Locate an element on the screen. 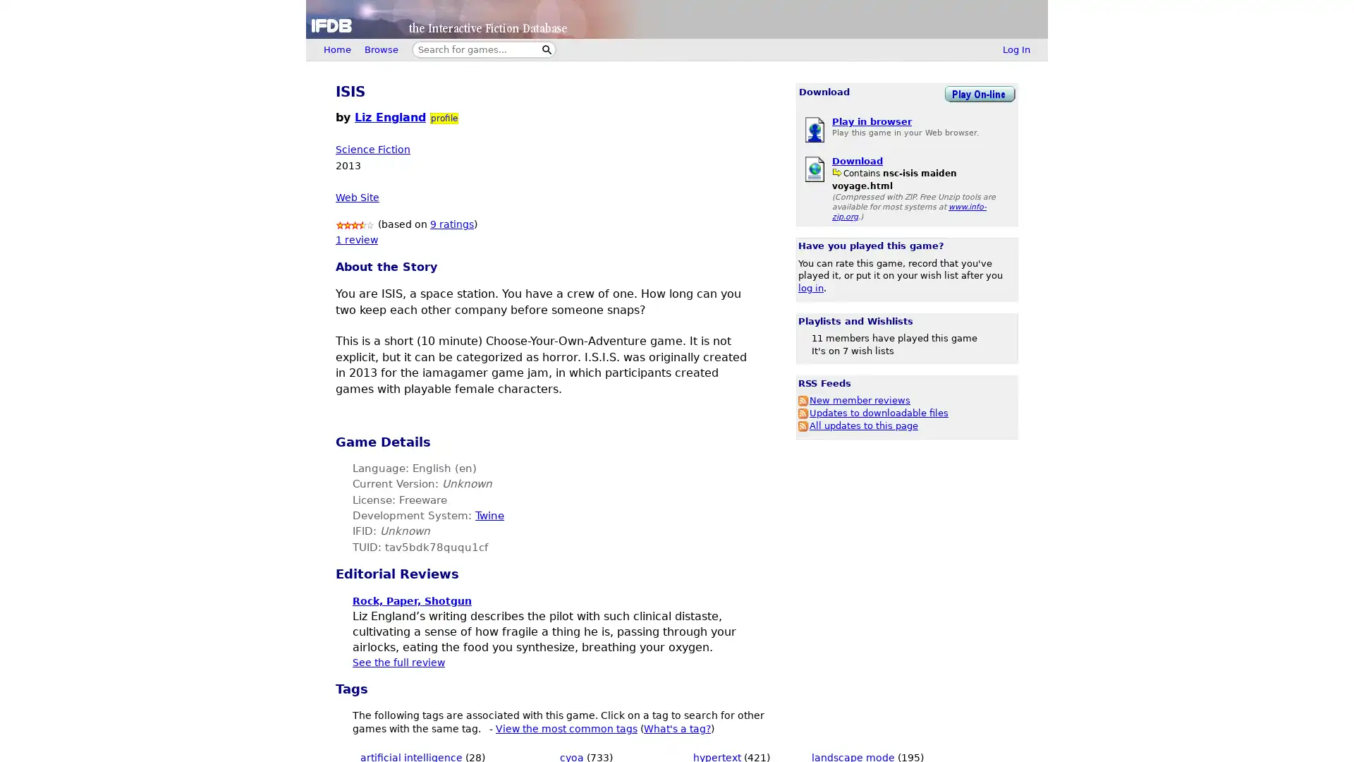 Image resolution: width=1354 pixels, height=762 pixels. Search is located at coordinates (546, 48).